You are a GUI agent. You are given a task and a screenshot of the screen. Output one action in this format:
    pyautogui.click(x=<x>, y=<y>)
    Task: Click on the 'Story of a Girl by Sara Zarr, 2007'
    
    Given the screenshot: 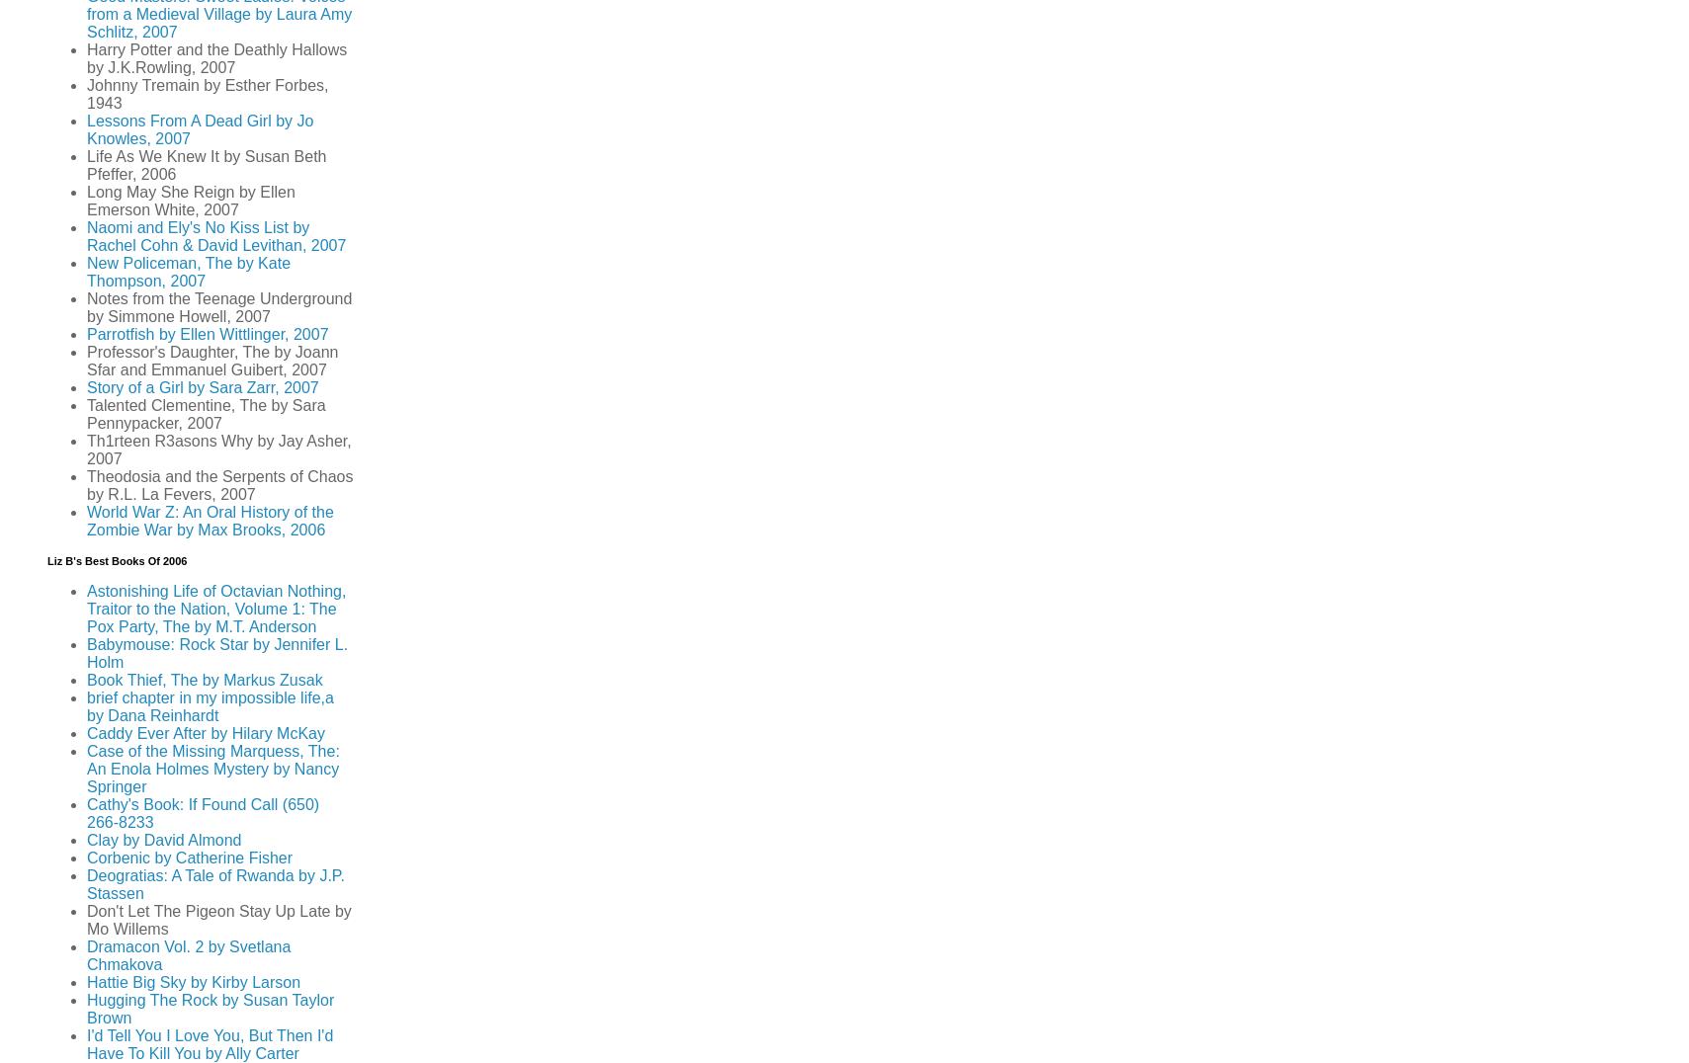 What is the action you would take?
    pyautogui.click(x=202, y=386)
    